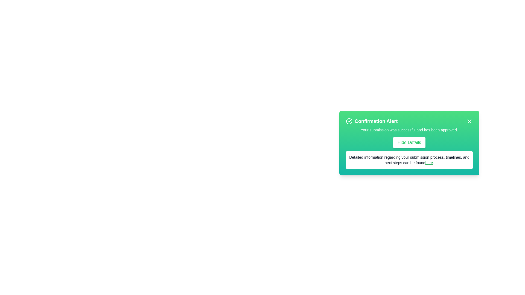 The width and height of the screenshot is (525, 295). Describe the element at coordinates (409, 142) in the screenshot. I see `the 'Hide Details' button to toggle the visibility of the details section` at that location.